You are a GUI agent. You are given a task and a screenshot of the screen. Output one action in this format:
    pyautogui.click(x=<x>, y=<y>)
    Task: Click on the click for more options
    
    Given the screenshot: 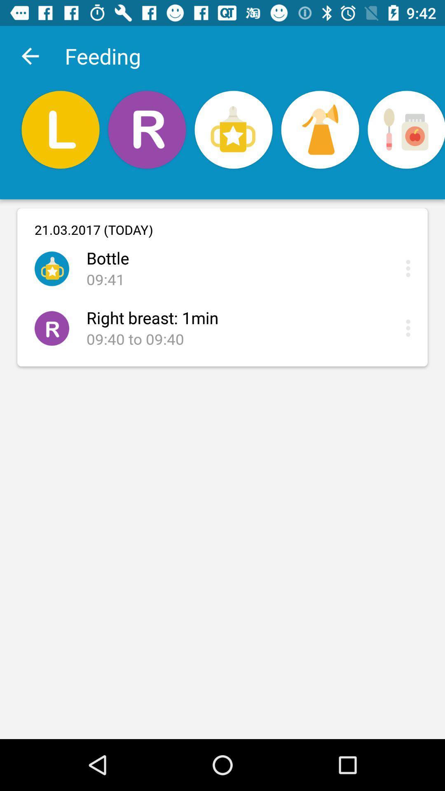 What is the action you would take?
    pyautogui.click(x=410, y=268)
    